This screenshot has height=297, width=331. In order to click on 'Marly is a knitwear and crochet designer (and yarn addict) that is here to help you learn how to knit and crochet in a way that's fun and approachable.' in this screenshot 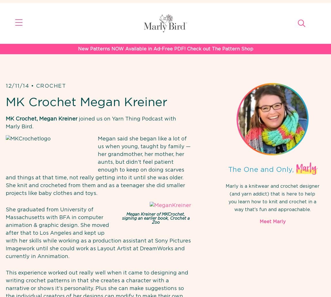, I will do `click(225, 197)`.